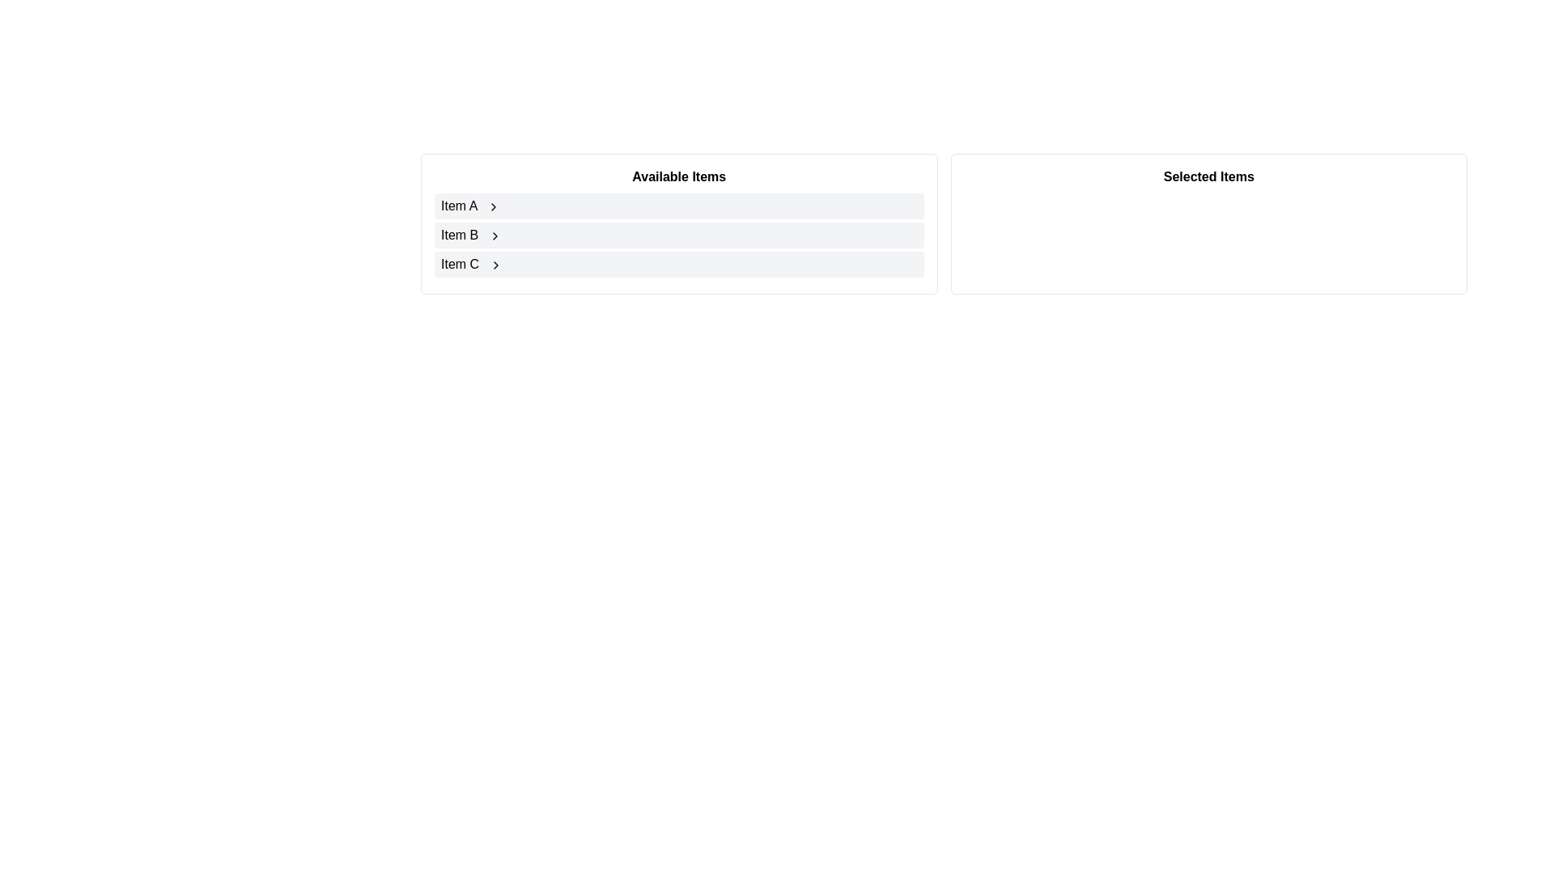 This screenshot has width=1554, height=874. Describe the element at coordinates (492, 206) in the screenshot. I see `the 'Chevron Right' icon next to 'Item A' in the 'Available Items' section` at that location.